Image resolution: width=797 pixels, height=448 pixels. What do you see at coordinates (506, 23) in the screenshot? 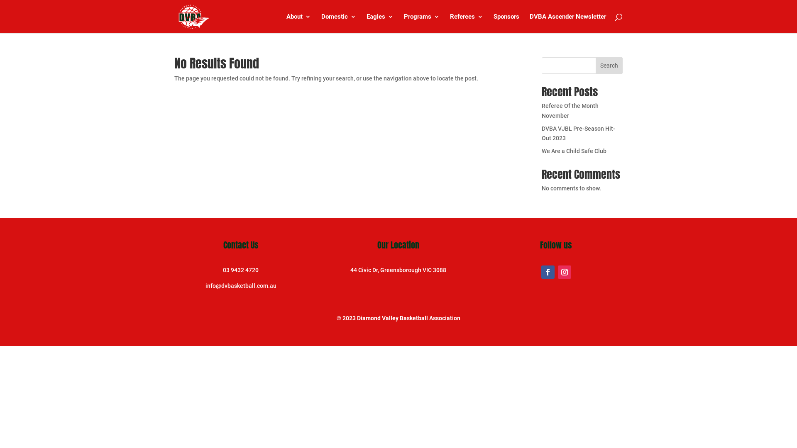
I see `'Sponsors'` at bounding box center [506, 23].